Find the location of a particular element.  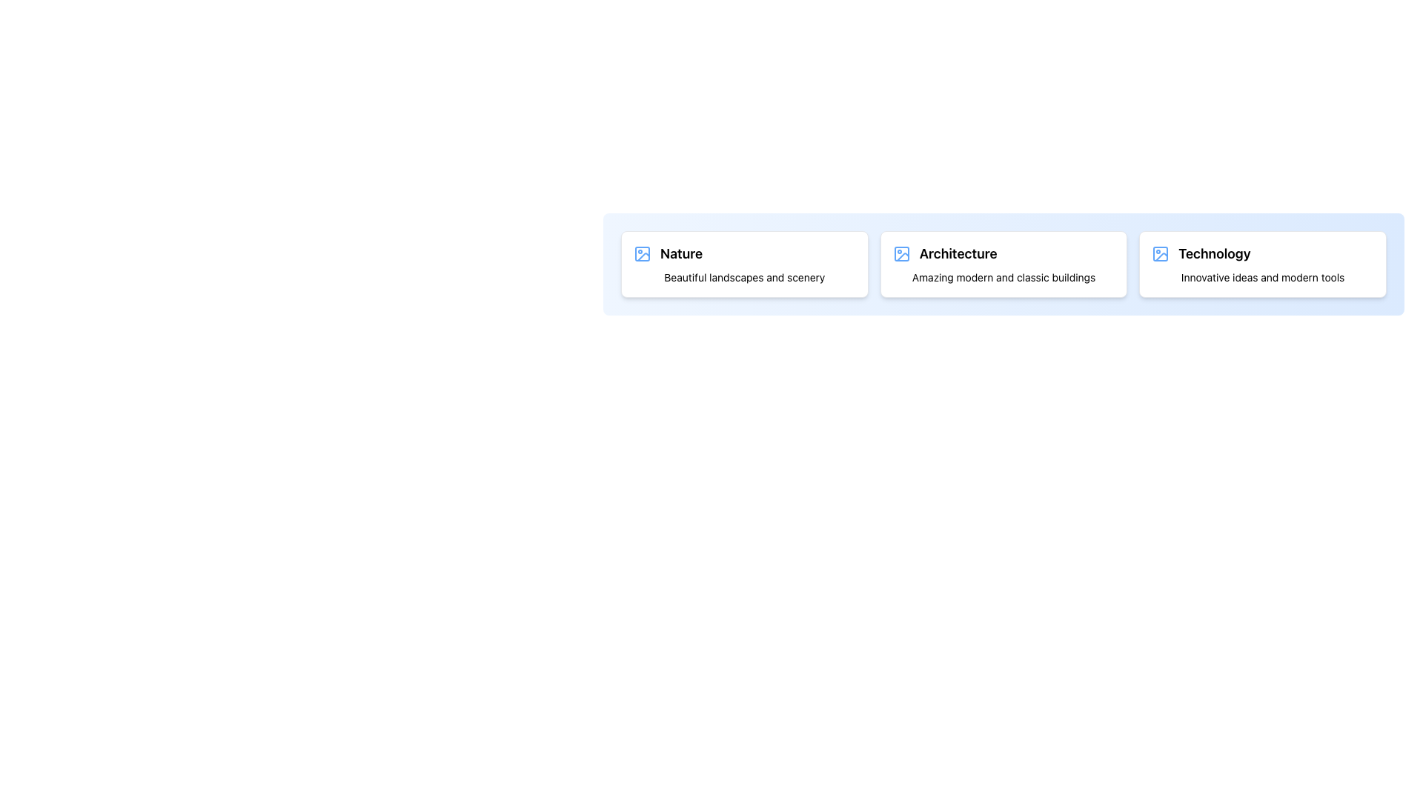

the text label reading 'Nature', which is styled with a bold font and positioned above a smaller description text in the first card of a horizontal row is located at coordinates (680, 253).